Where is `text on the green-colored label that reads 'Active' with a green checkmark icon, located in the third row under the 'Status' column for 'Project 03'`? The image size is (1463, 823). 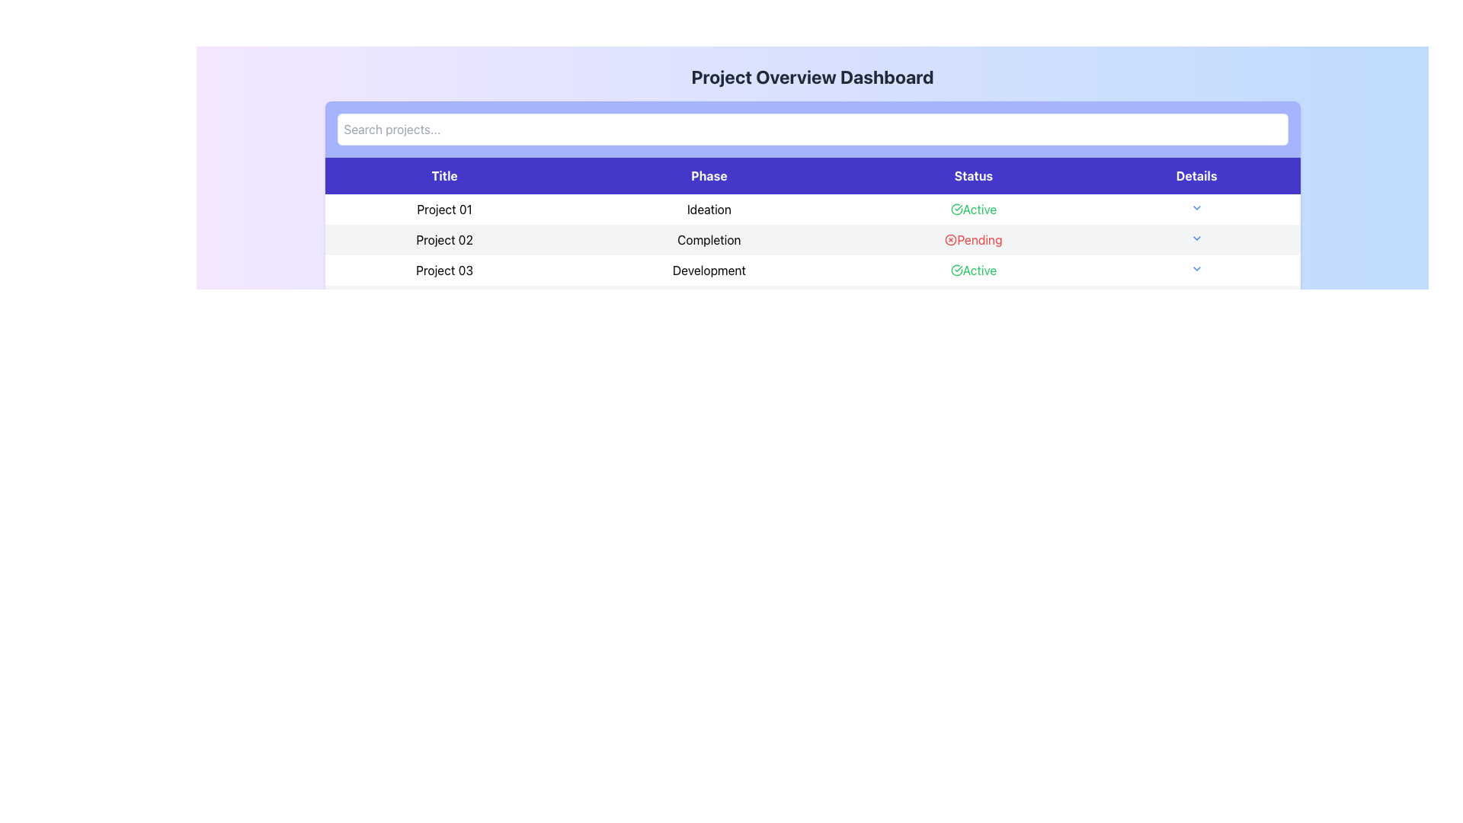 text on the green-colored label that reads 'Active' with a green checkmark icon, located in the third row under the 'Status' column for 'Project 03' is located at coordinates (972, 269).